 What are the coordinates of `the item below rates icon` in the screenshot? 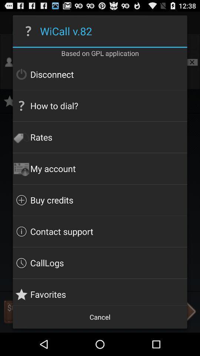 It's located at (100, 168).